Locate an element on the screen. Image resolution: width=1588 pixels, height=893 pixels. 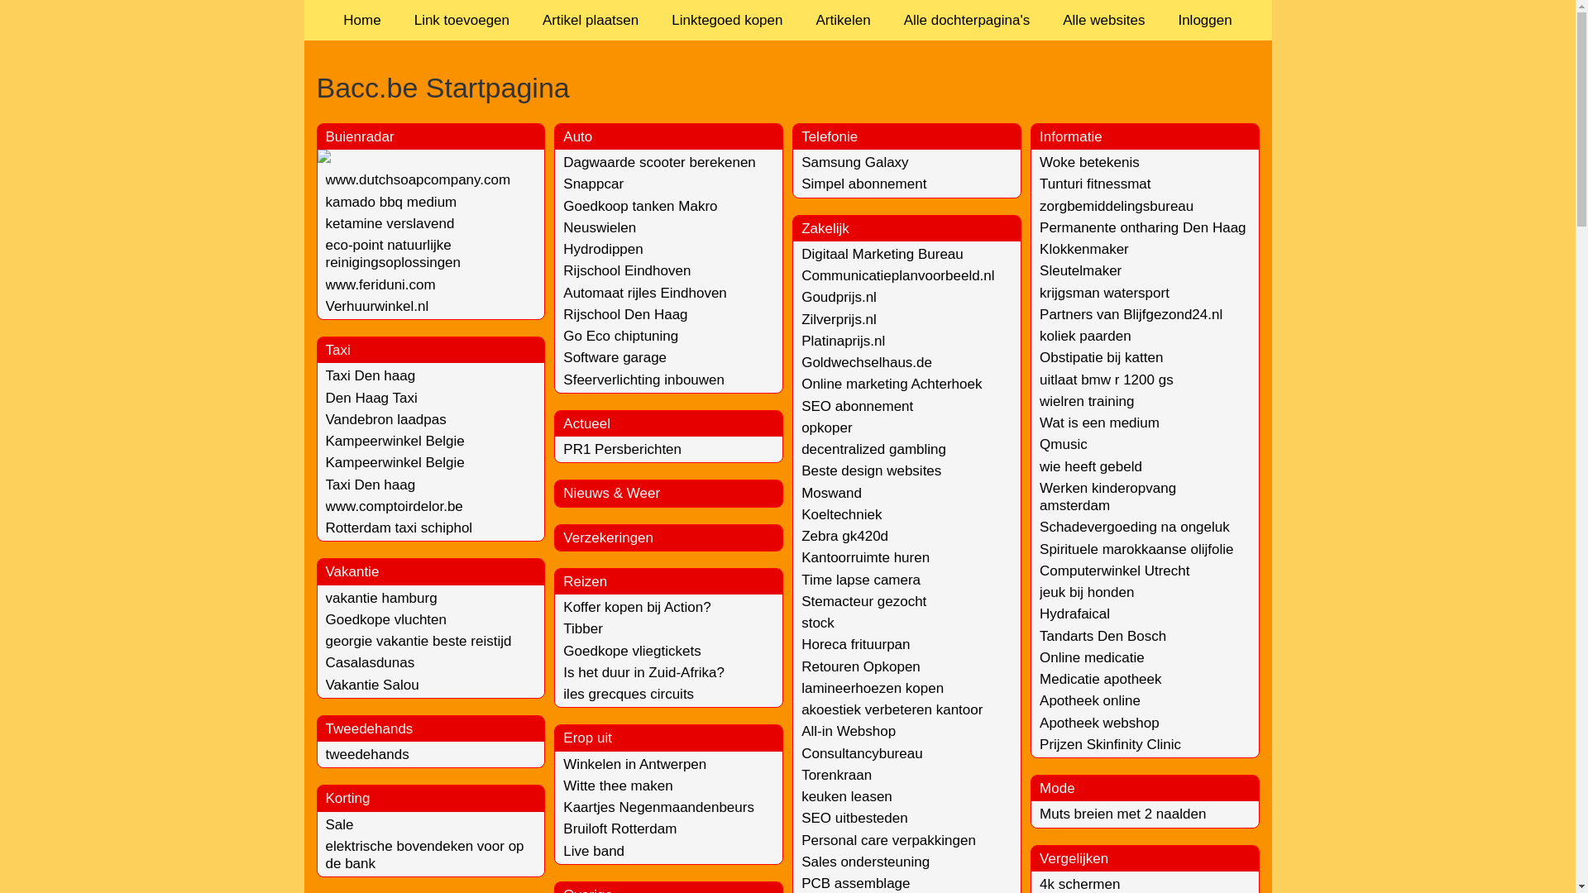
'Mode' is located at coordinates (1056, 787).